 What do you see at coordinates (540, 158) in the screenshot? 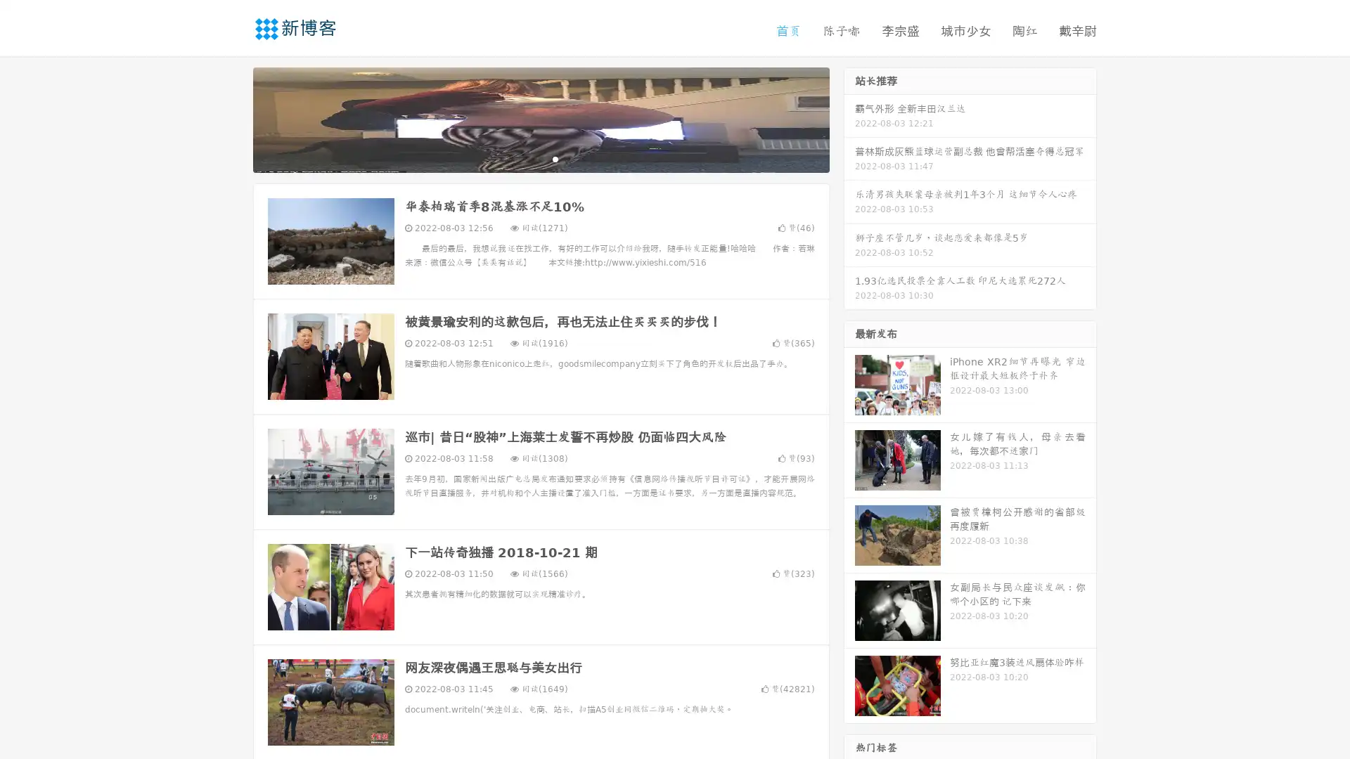
I see `Go to slide 2` at bounding box center [540, 158].